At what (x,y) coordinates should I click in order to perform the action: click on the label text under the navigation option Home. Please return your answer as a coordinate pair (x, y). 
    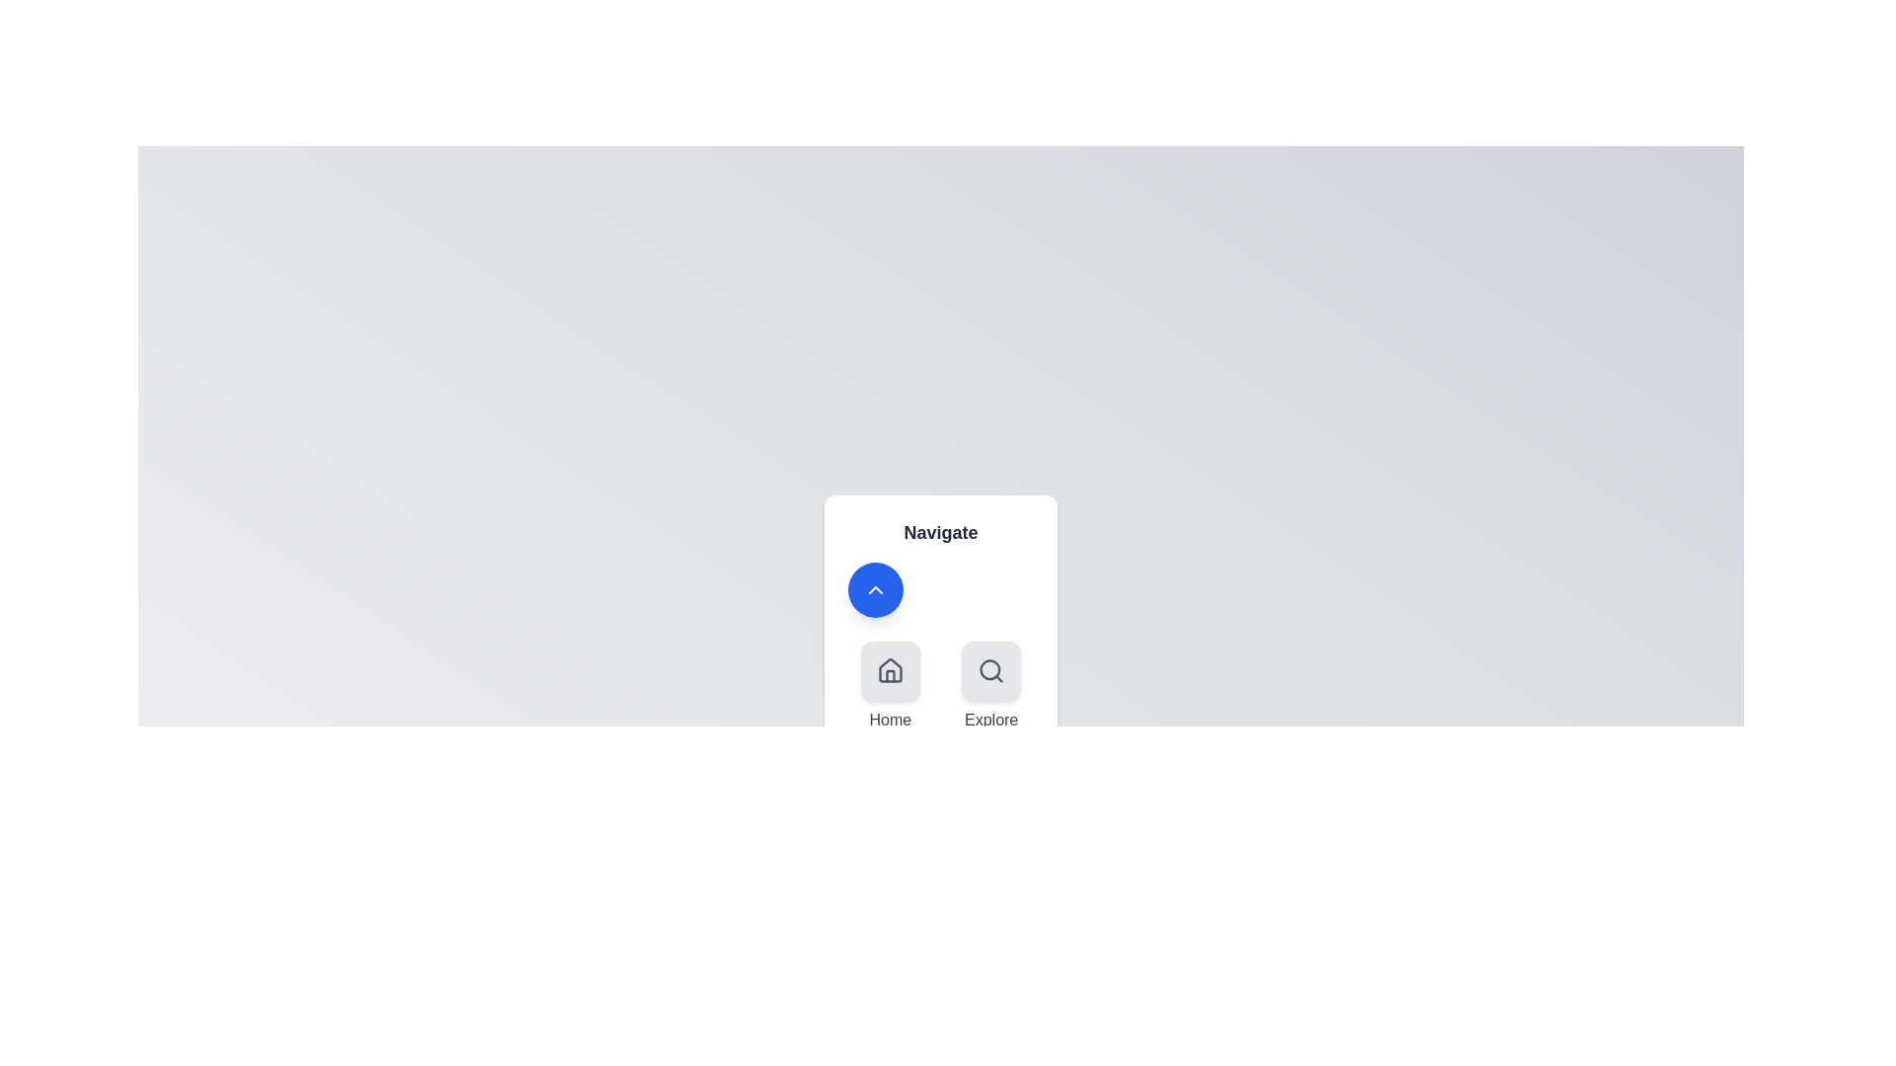
    Looking at the image, I should click on (889, 720).